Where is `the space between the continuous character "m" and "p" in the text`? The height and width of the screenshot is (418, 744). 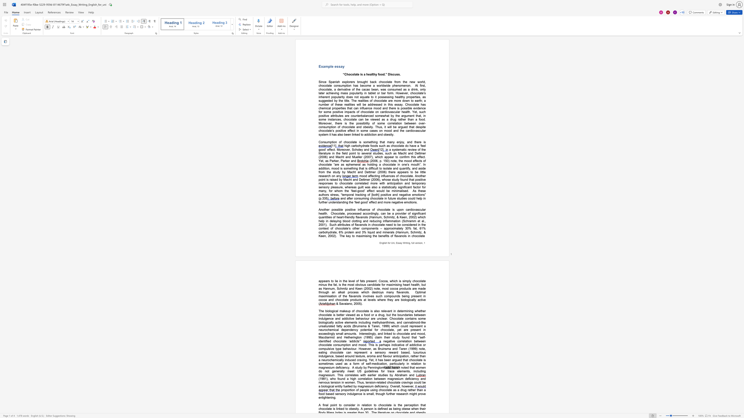 the space between the continuous character "m" and "p" in the text is located at coordinates (344, 86).